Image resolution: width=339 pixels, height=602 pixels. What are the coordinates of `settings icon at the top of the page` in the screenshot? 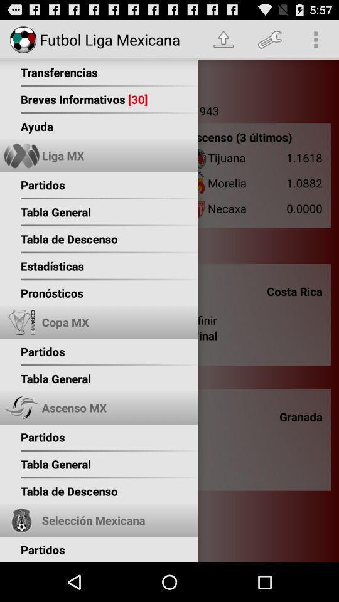 It's located at (269, 40).